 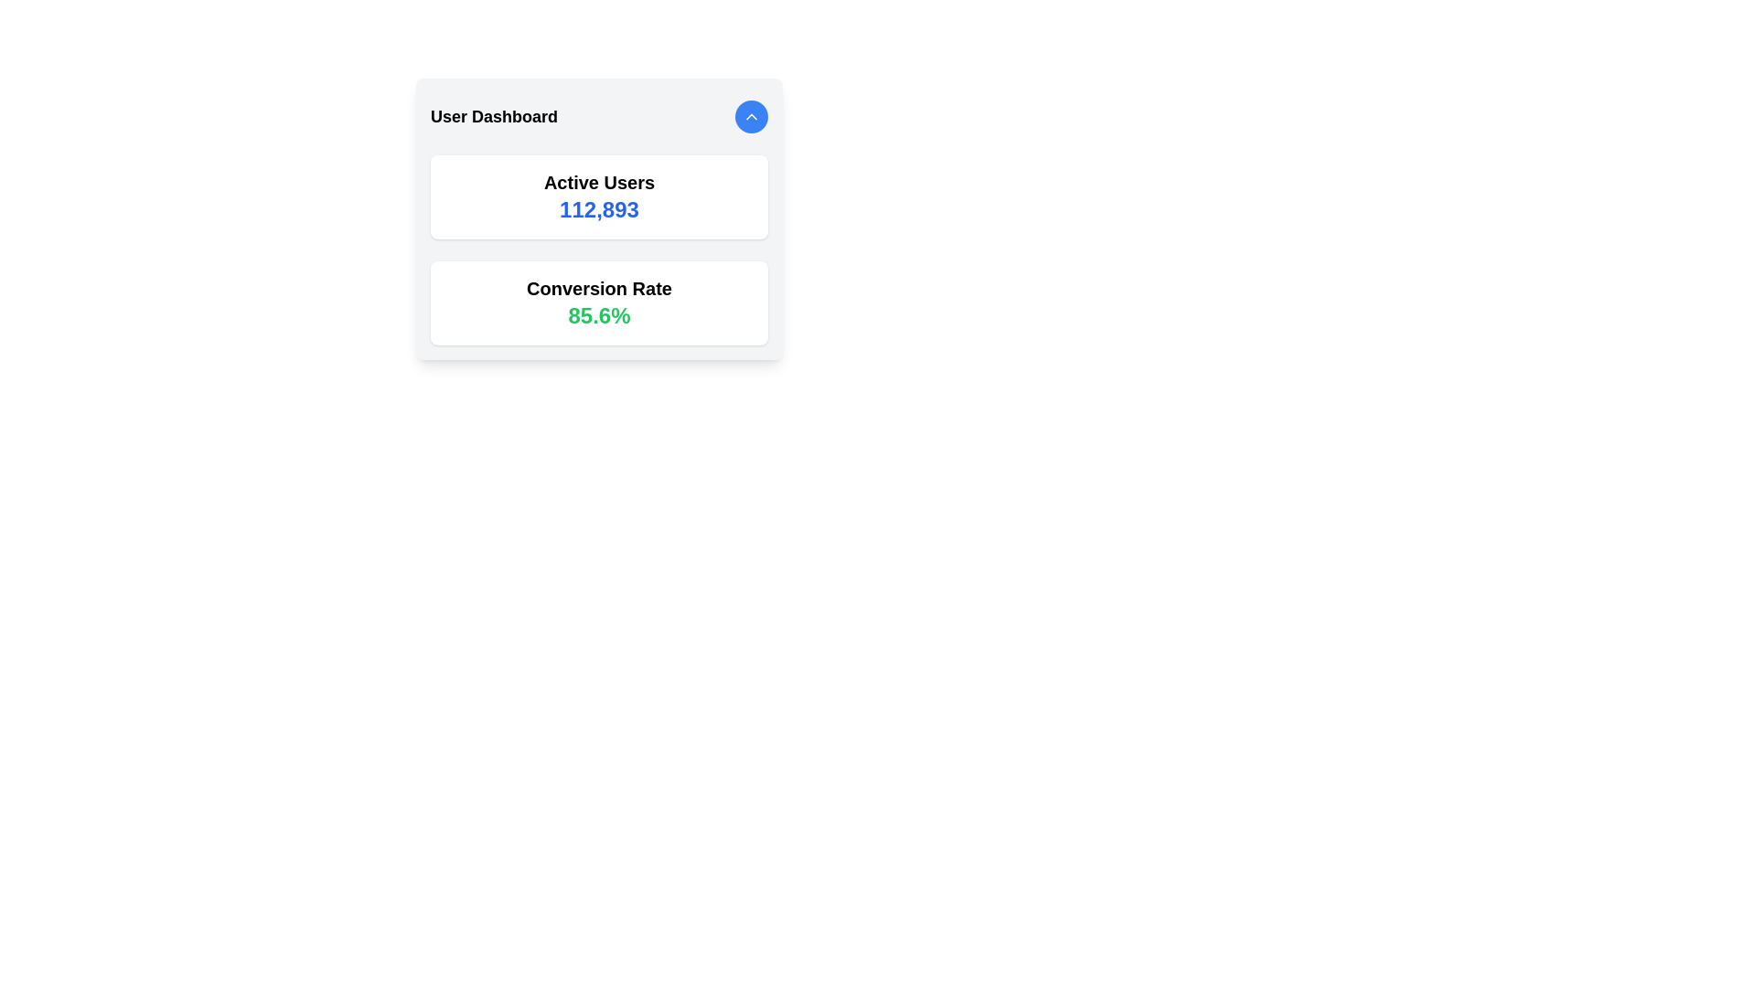 I want to click on displayed value of the 'Active Users' text label, which shows the count of active users in the user dashboard, so click(x=599, y=209).